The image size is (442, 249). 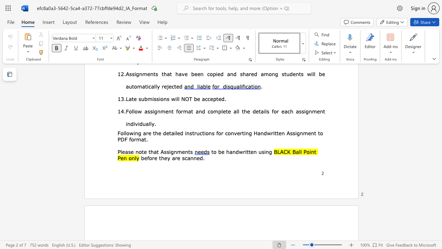 I want to click on the subset text "o be handwr" within the text "to be handwritten using", so click(x=213, y=151).